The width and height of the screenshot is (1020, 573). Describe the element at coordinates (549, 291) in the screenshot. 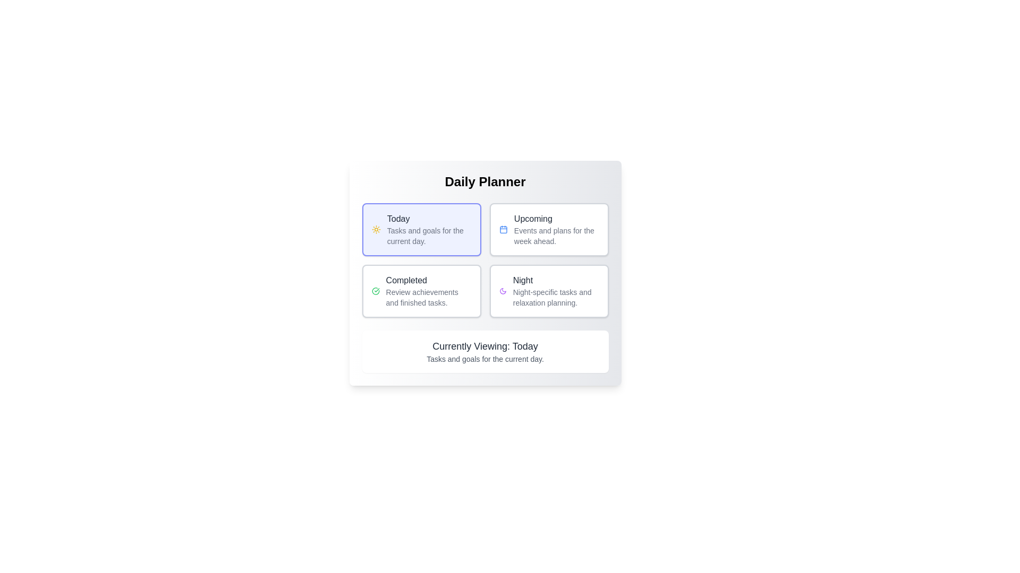

I see `the interactive planning button located at the bottom-right of the grid for accessibility purposes` at that location.